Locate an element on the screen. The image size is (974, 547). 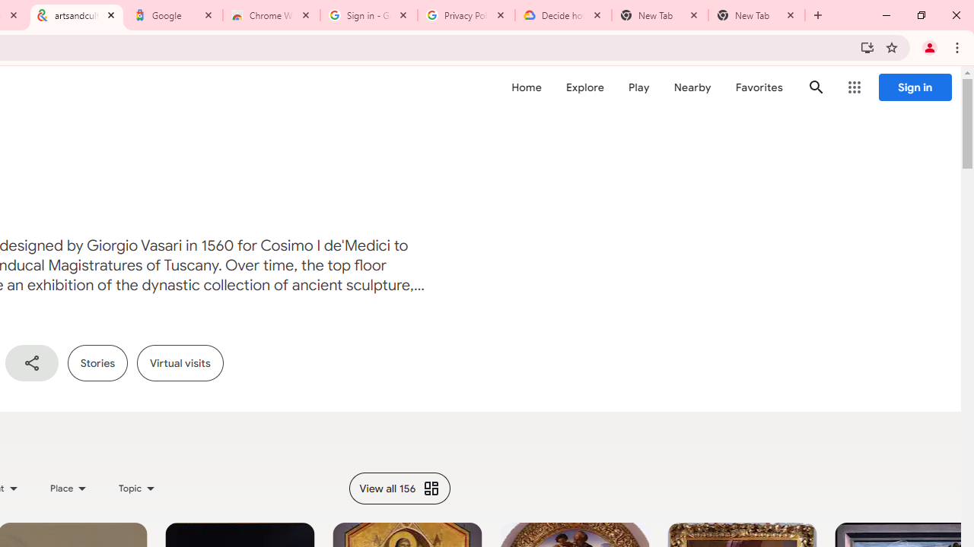
'Place' is located at coordinates (68, 488).